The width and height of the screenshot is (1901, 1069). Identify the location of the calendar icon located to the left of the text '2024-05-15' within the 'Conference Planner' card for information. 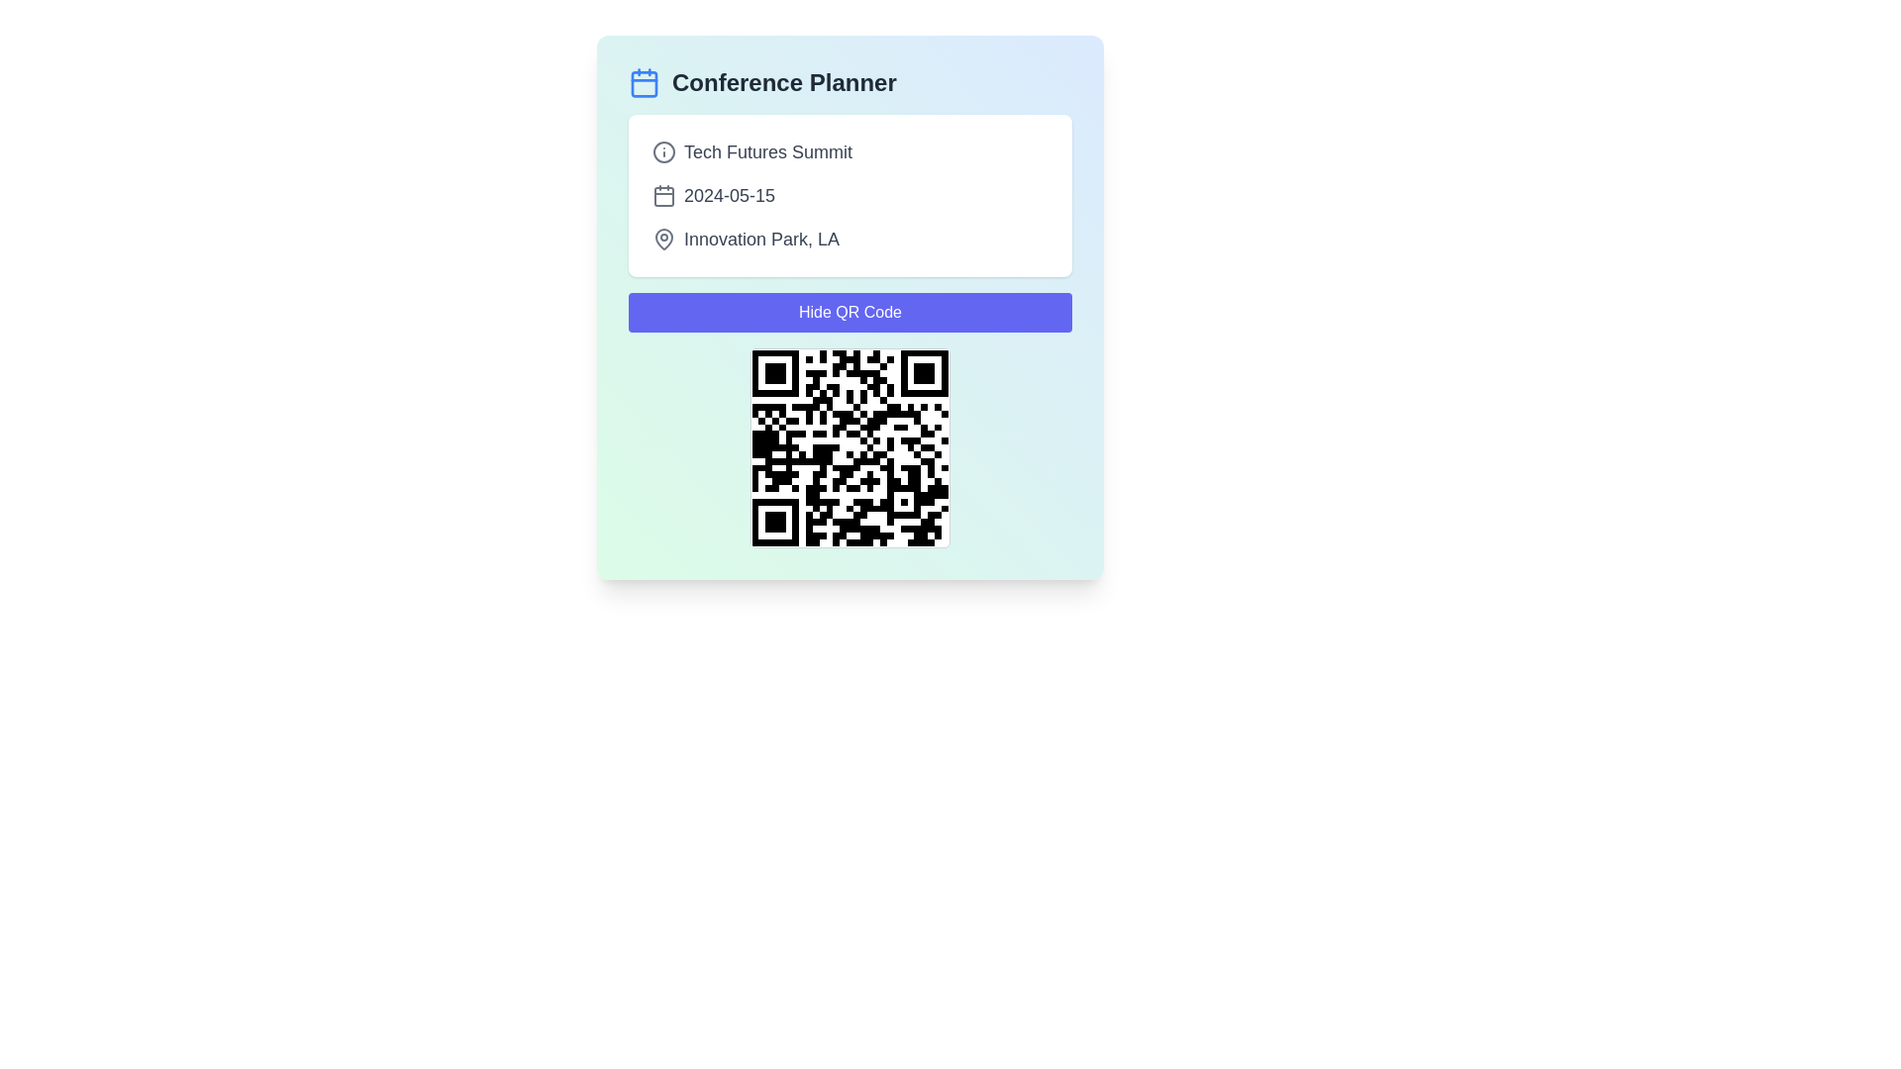
(664, 197).